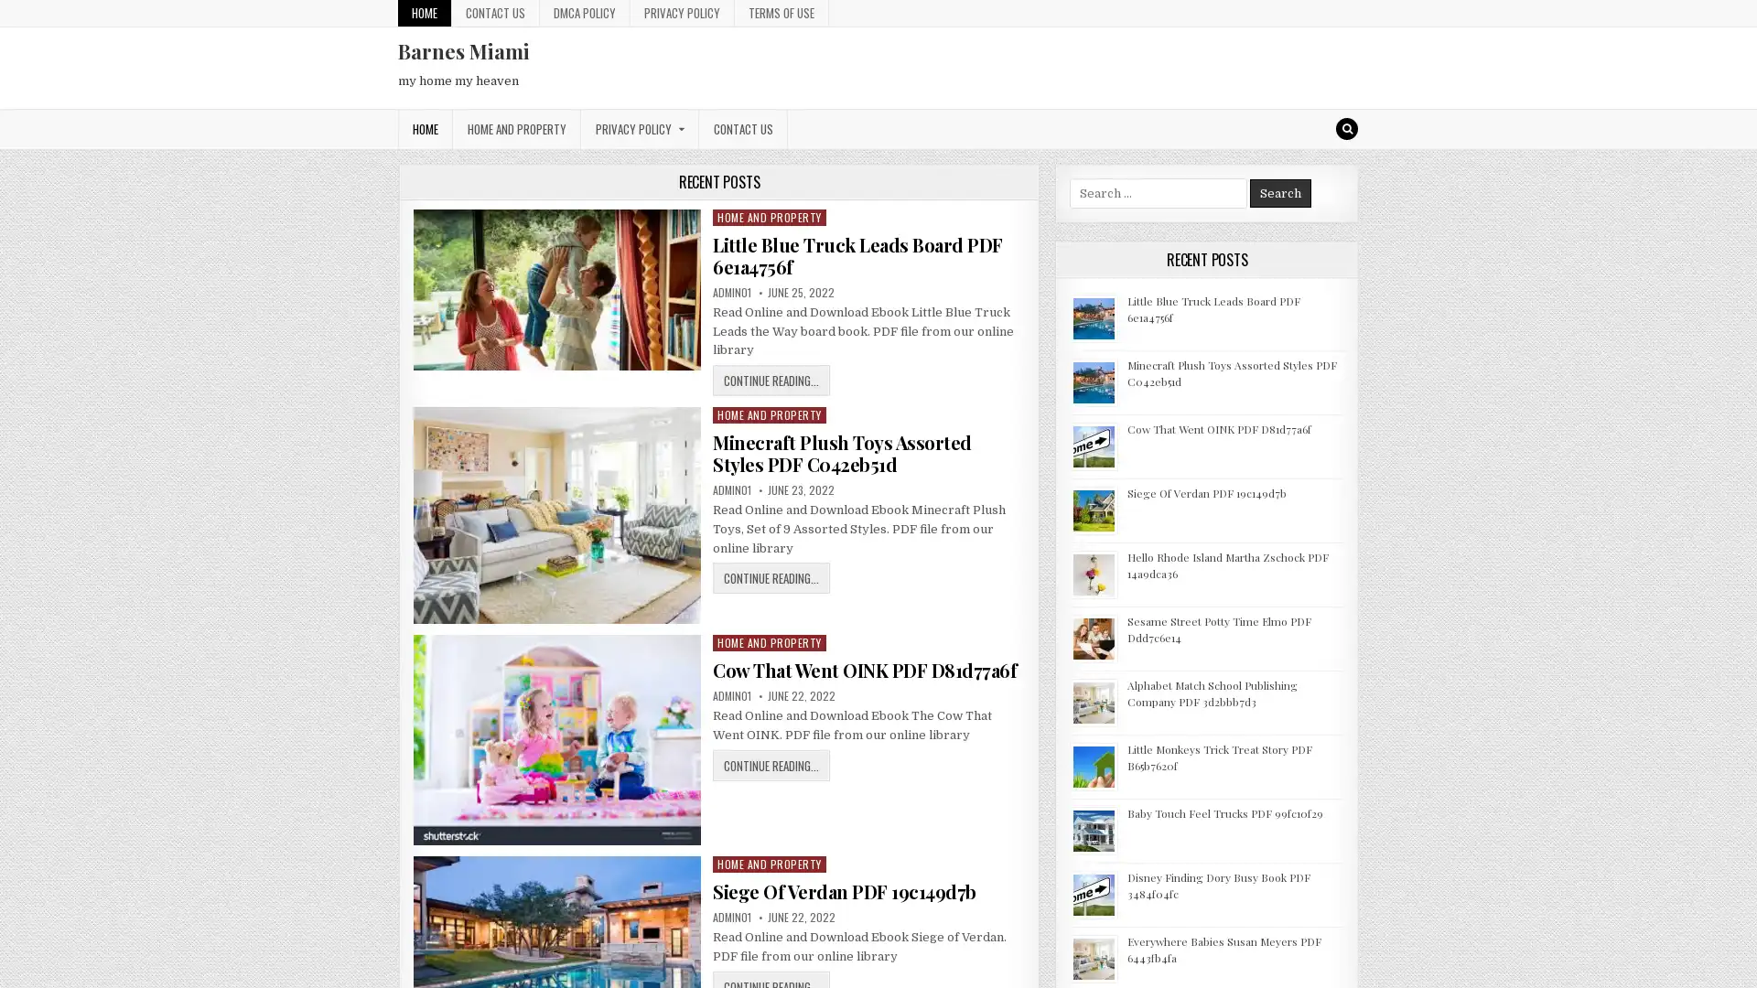  Describe the element at coordinates (1279, 193) in the screenshot. I see `Search` at that location.